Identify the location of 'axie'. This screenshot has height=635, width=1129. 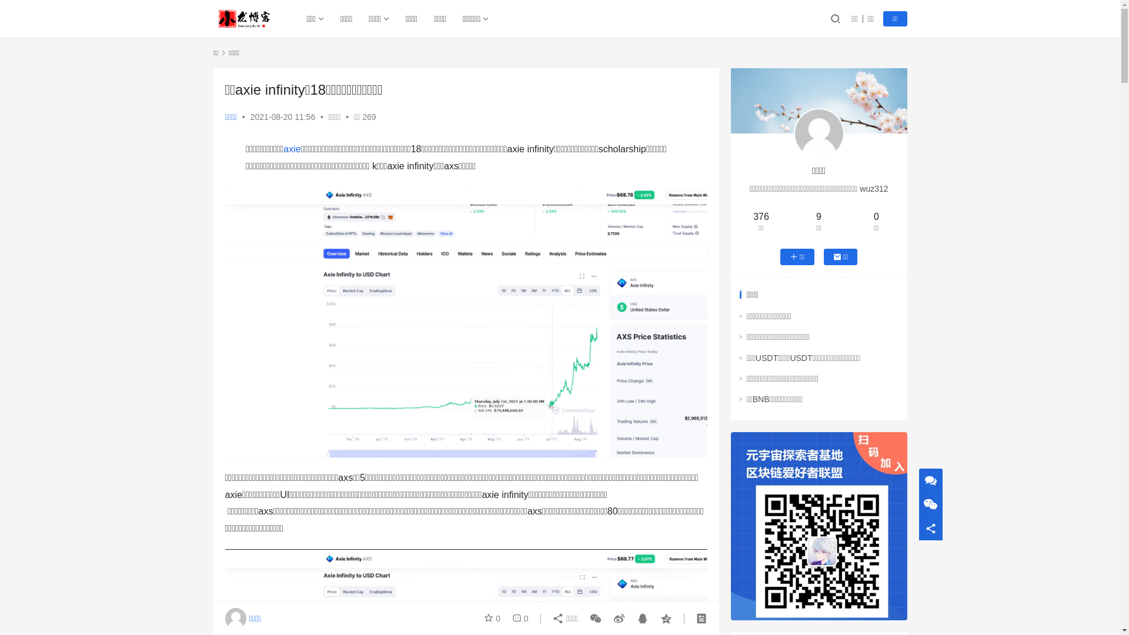
(283, 148).